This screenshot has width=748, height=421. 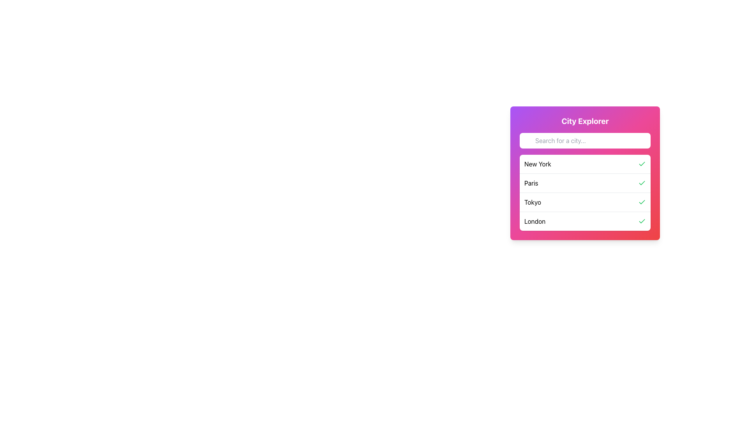 I want to click on the text label 'London' in the dropdown list of cities, so click(x=534, y=221).